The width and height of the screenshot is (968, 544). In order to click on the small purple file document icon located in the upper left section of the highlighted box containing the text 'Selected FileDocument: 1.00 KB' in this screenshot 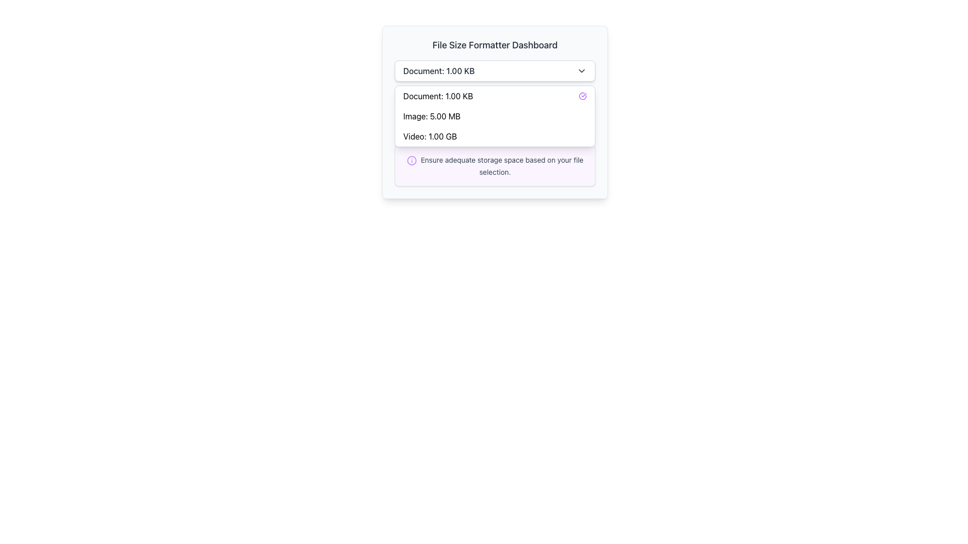, I will do `click(409, 113)`.